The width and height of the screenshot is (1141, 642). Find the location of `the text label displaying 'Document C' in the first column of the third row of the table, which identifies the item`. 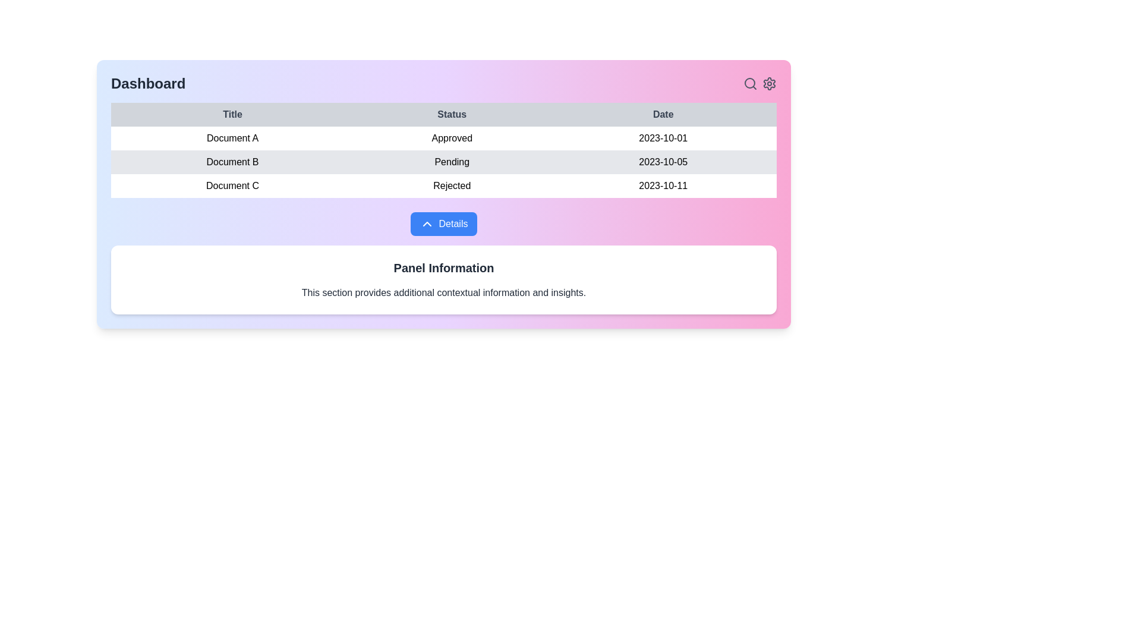

the text label displaying 'Document C' in the first column of the third row of the table, which identifies the item is located at coordinates (232, 185).